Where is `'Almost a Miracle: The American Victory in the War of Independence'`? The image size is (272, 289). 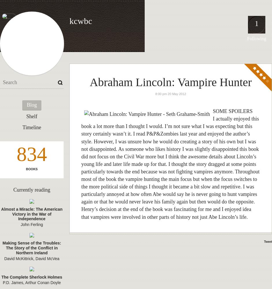 'Almost a Miracle: The American Victory in the War of Independence' is located at coordinates (1, 214).